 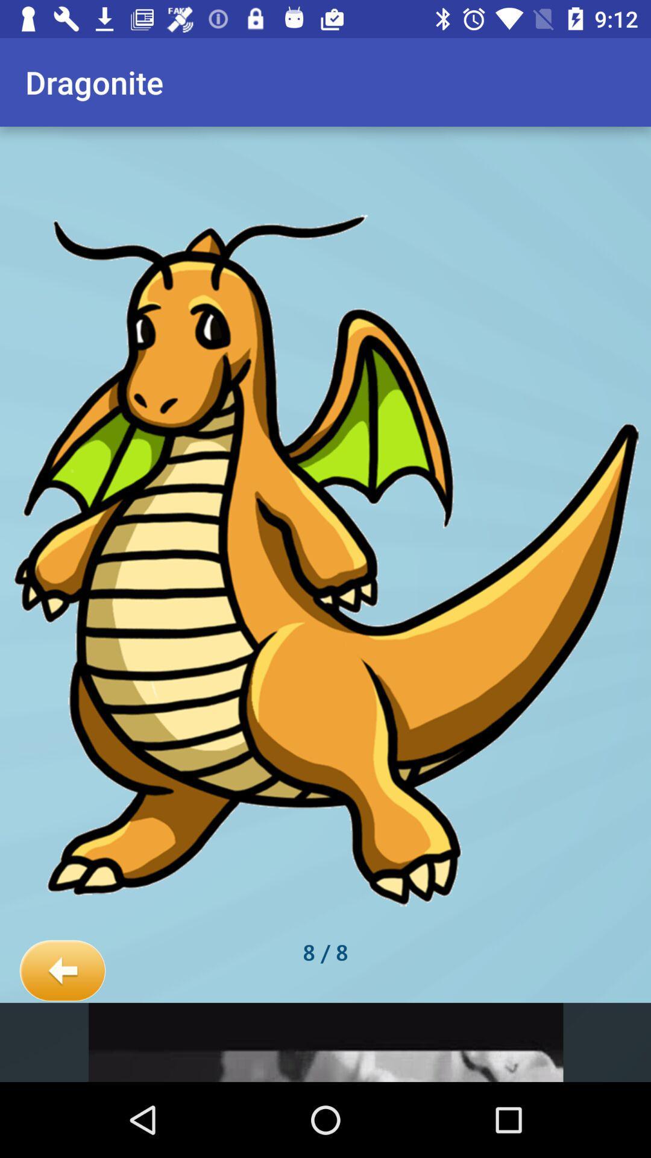 What do you see at coordinates (62, 971) in the screenshot?
I see `the icon to the left of 8 / 8 item` at bounding box center [62, 971].